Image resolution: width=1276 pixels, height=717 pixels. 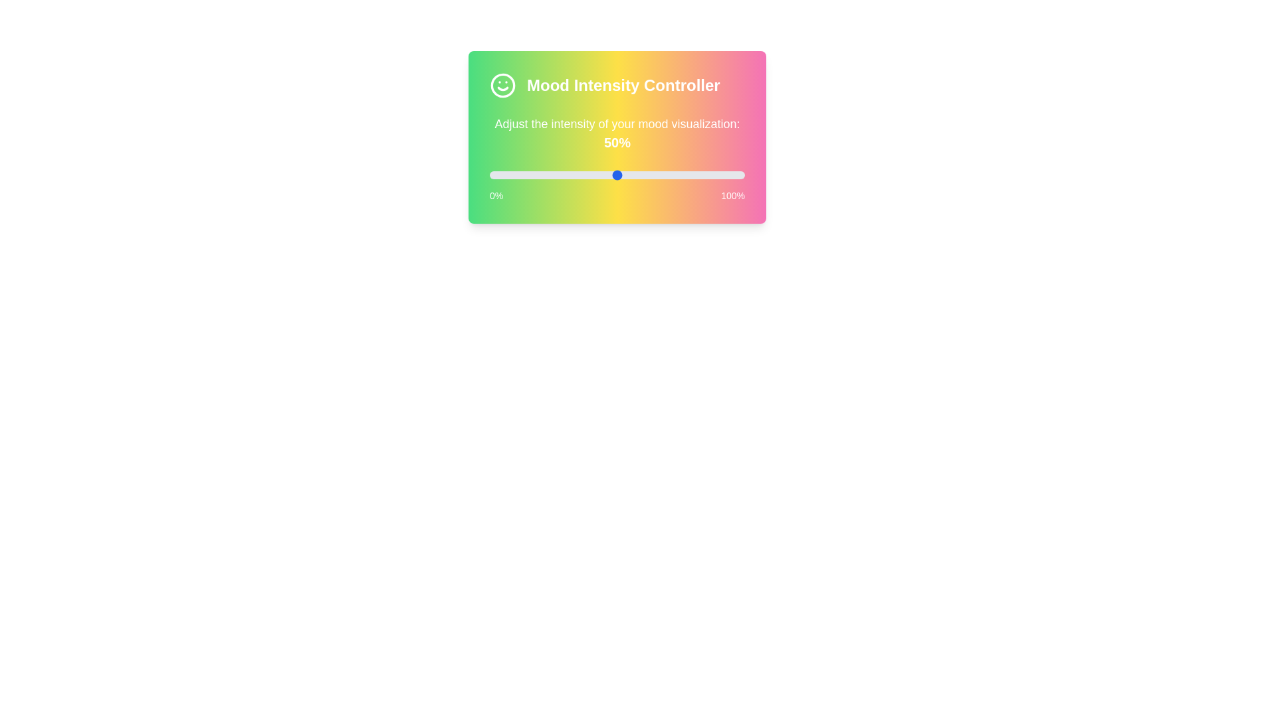 I want to click on the smiley icon decoration, so click(x=502, y=85).